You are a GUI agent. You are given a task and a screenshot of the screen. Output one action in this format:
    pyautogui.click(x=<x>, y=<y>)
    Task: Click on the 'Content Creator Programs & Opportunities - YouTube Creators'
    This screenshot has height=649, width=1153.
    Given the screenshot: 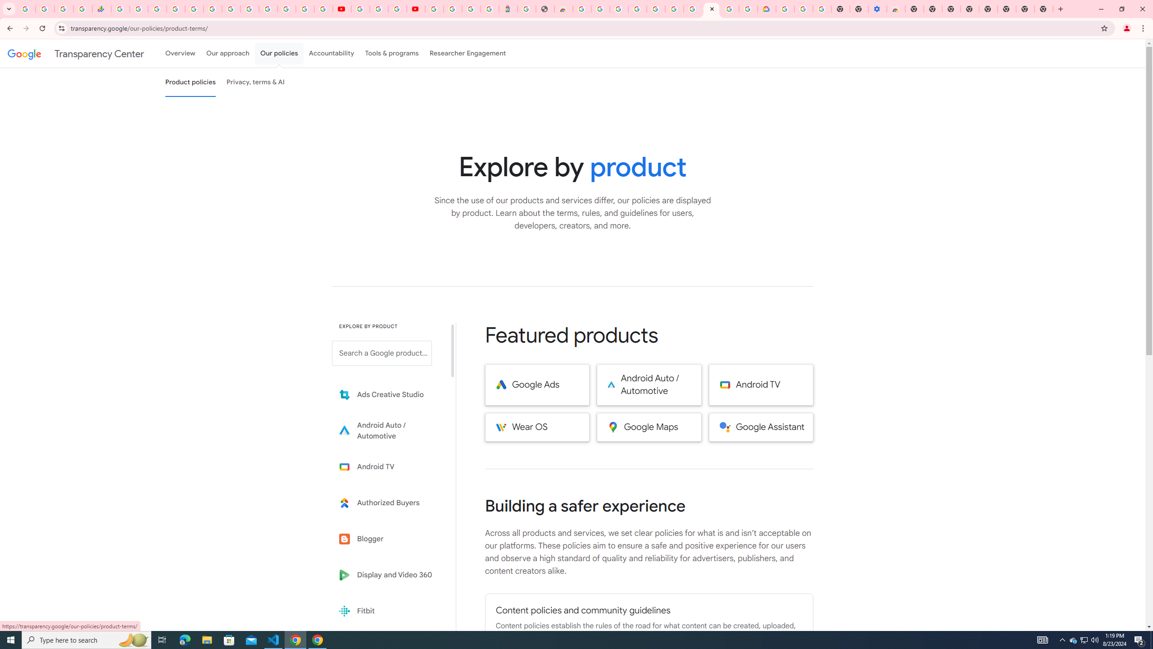 What is the action you would take?
    pyautogui.click(x=415, y=9)
    